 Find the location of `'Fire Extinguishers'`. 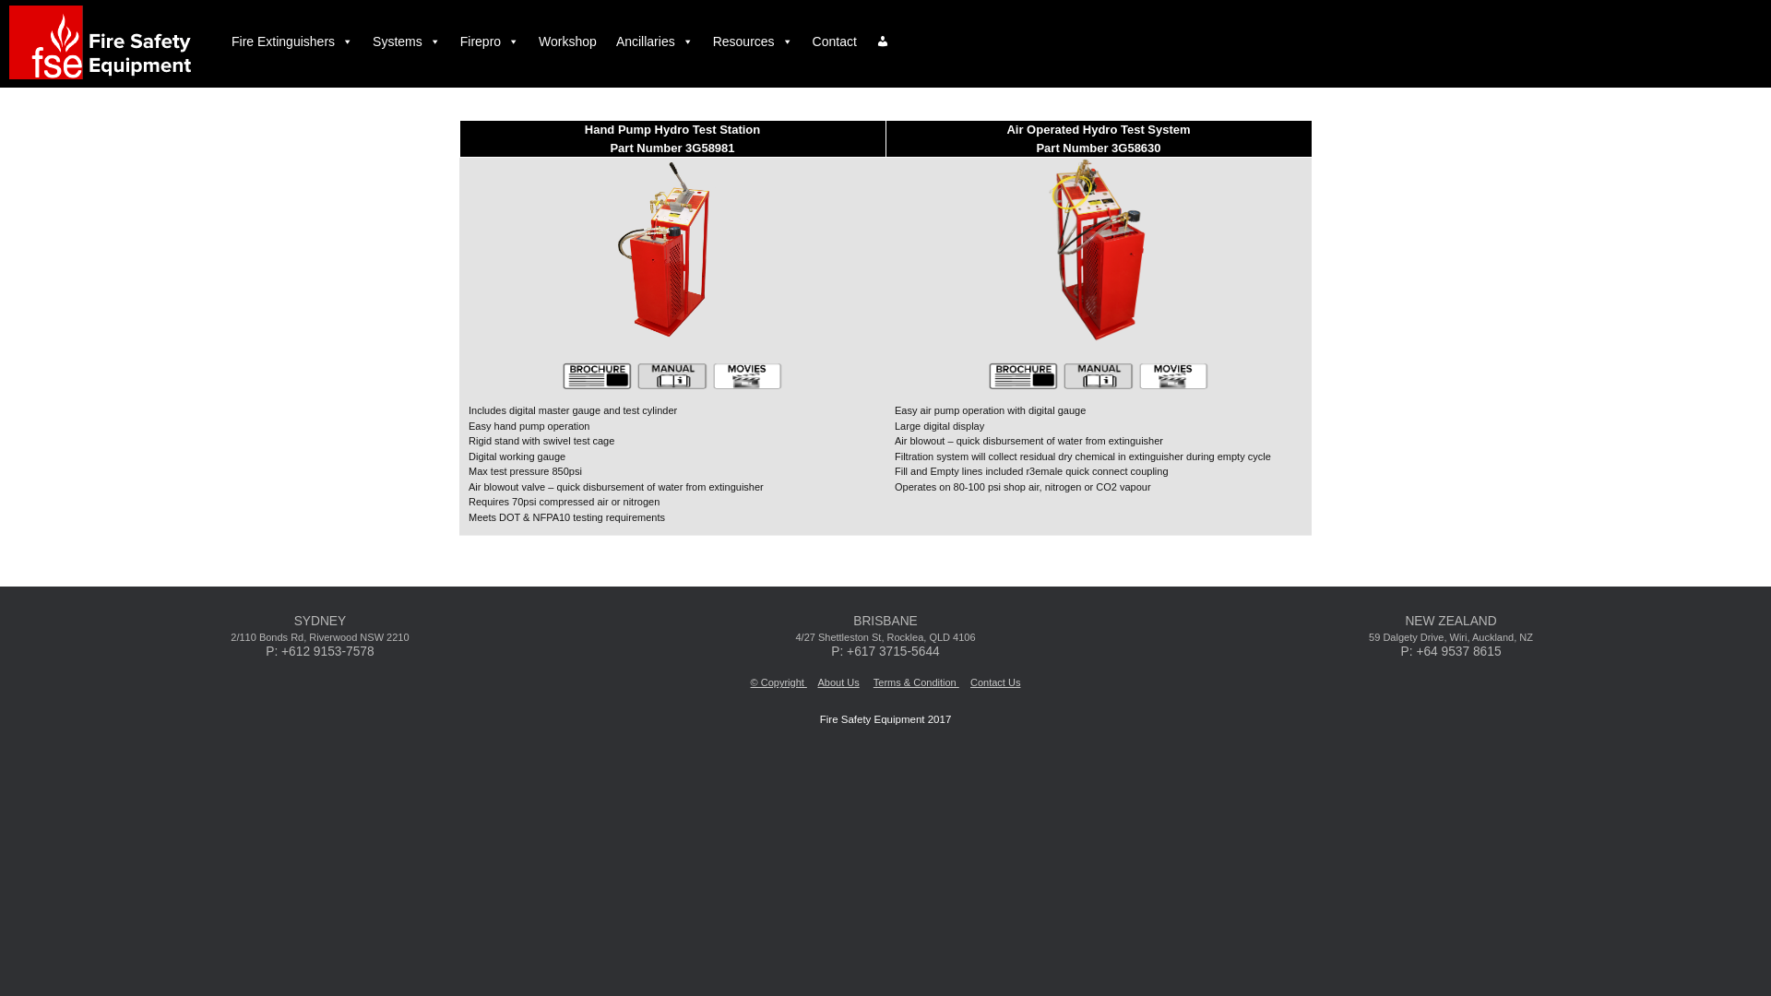

'Fire Extinguishers' is located at coordinates (221, 41).